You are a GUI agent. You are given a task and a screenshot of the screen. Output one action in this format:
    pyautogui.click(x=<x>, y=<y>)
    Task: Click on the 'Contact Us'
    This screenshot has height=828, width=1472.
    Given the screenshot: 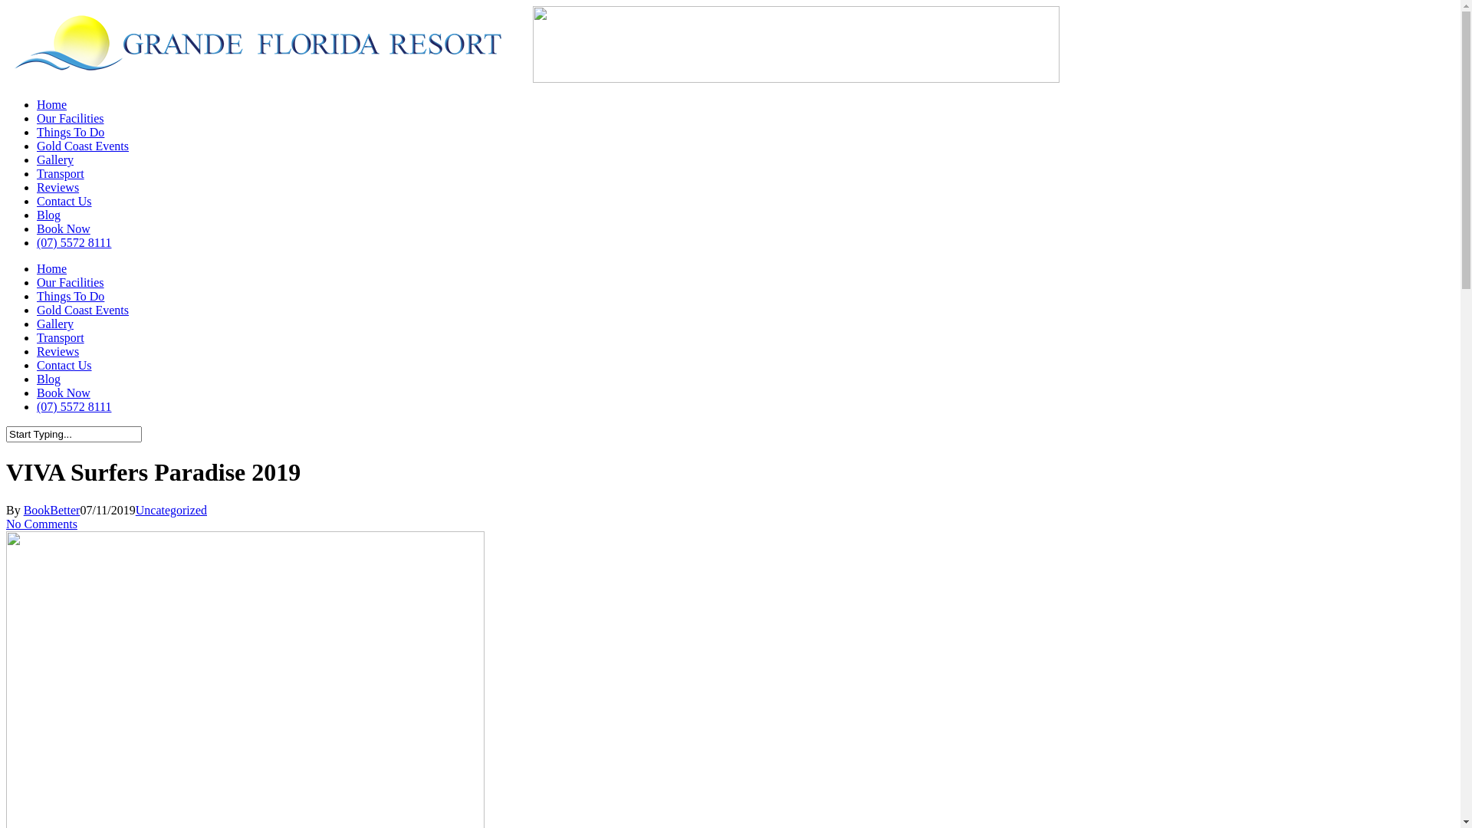 What is the action you would take?
    pyautogui.click(x=63, y=365)
    